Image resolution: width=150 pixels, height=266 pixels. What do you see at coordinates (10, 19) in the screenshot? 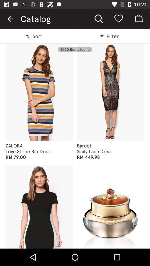
I see `the item to the left of catalog icon` at bounding box center [10, 19].